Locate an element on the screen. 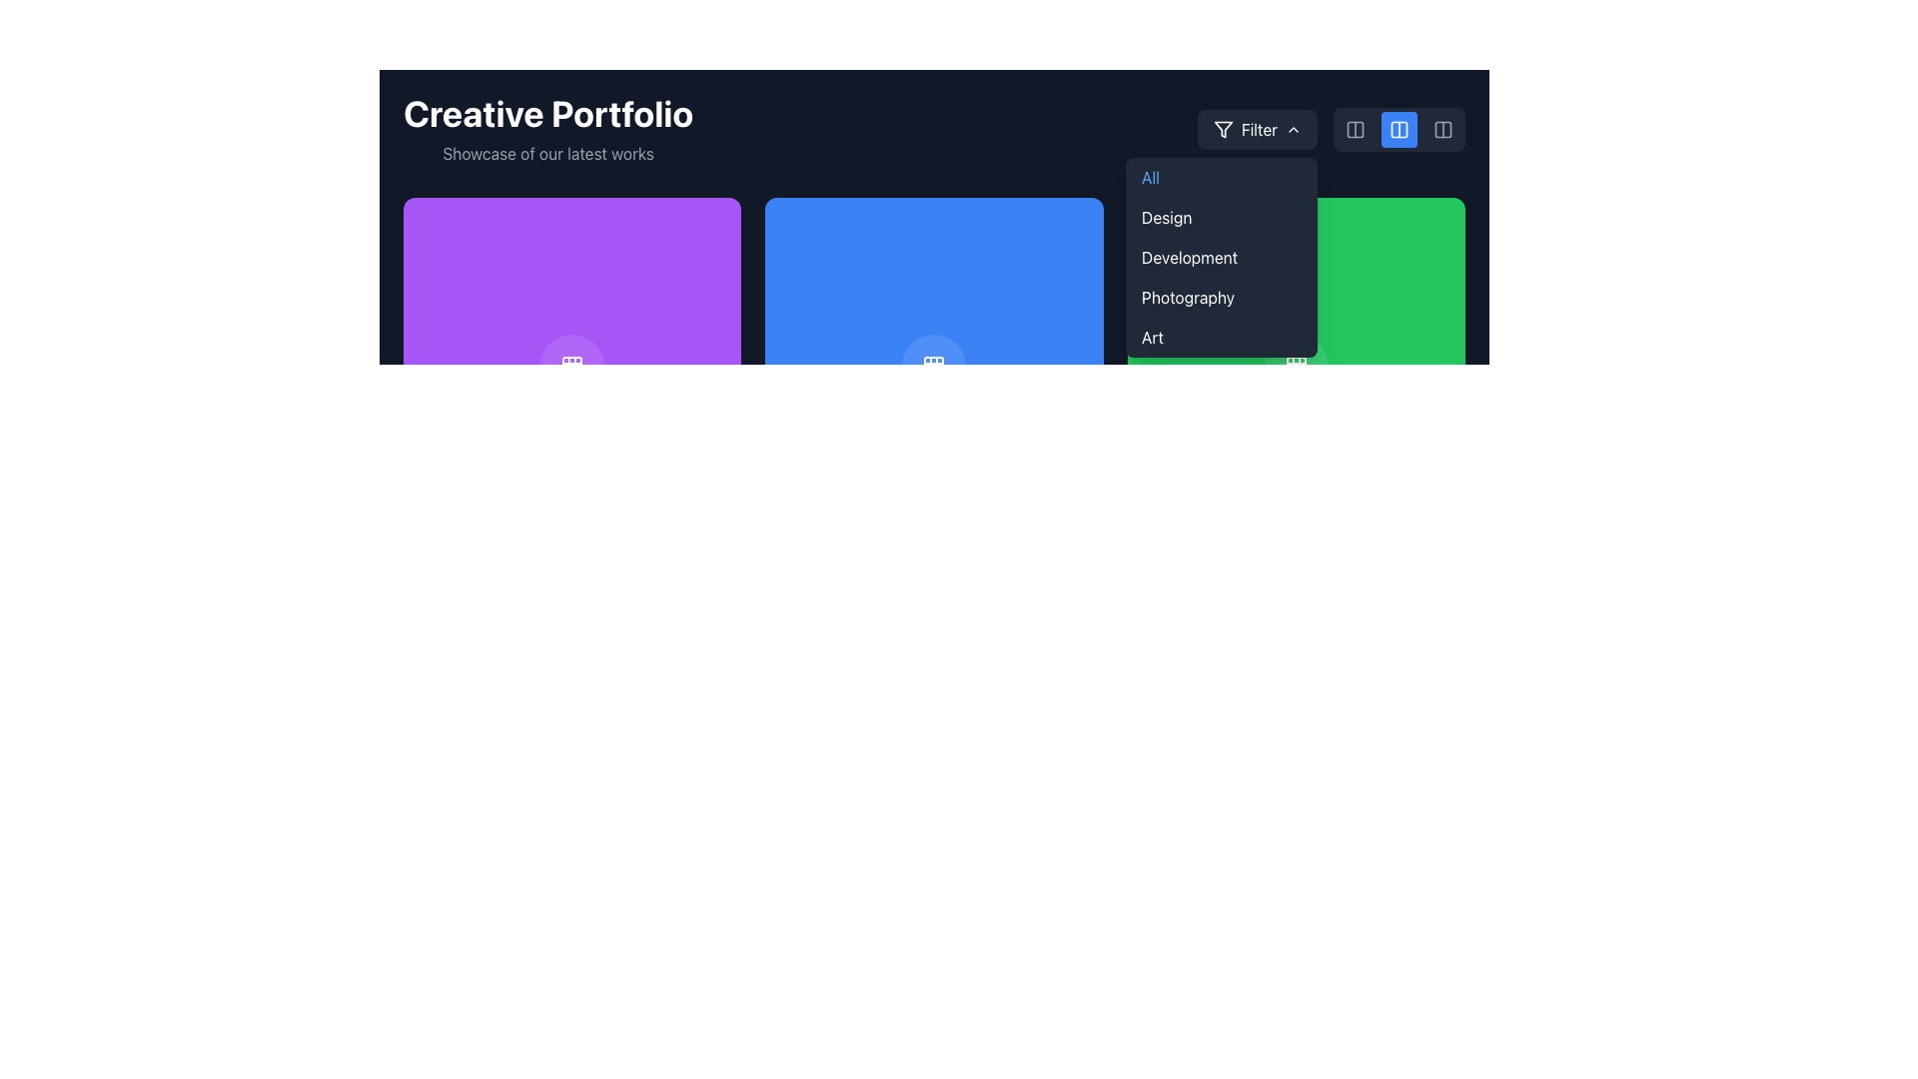 The width and height of the screenshot is (1918, 1079). the square button with a dark blue background and a light gray icon resembling two vertical columns is located at coordinates (1442, 130).